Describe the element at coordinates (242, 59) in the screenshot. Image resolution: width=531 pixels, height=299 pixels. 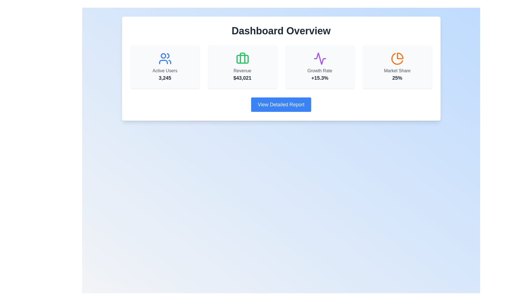
I see `the green outlined briefcase icon located within the 'Revenue' card above the 'Revenue' label and the '$43,021' value` at that location.